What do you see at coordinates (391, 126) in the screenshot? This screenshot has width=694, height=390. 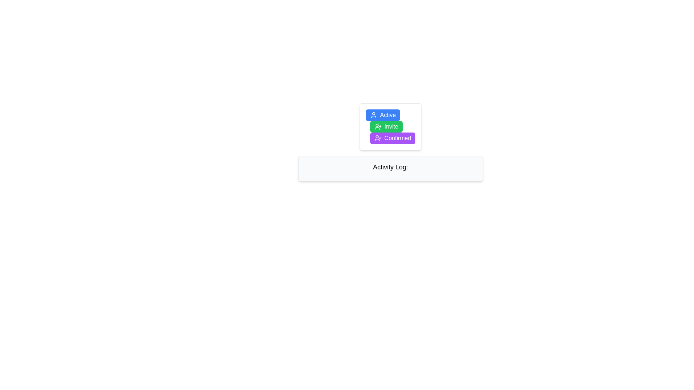 I see `the 'Invite' text label, which is styled with white text on a green background within a rounded rectangle` at bounding box center [391, 126].